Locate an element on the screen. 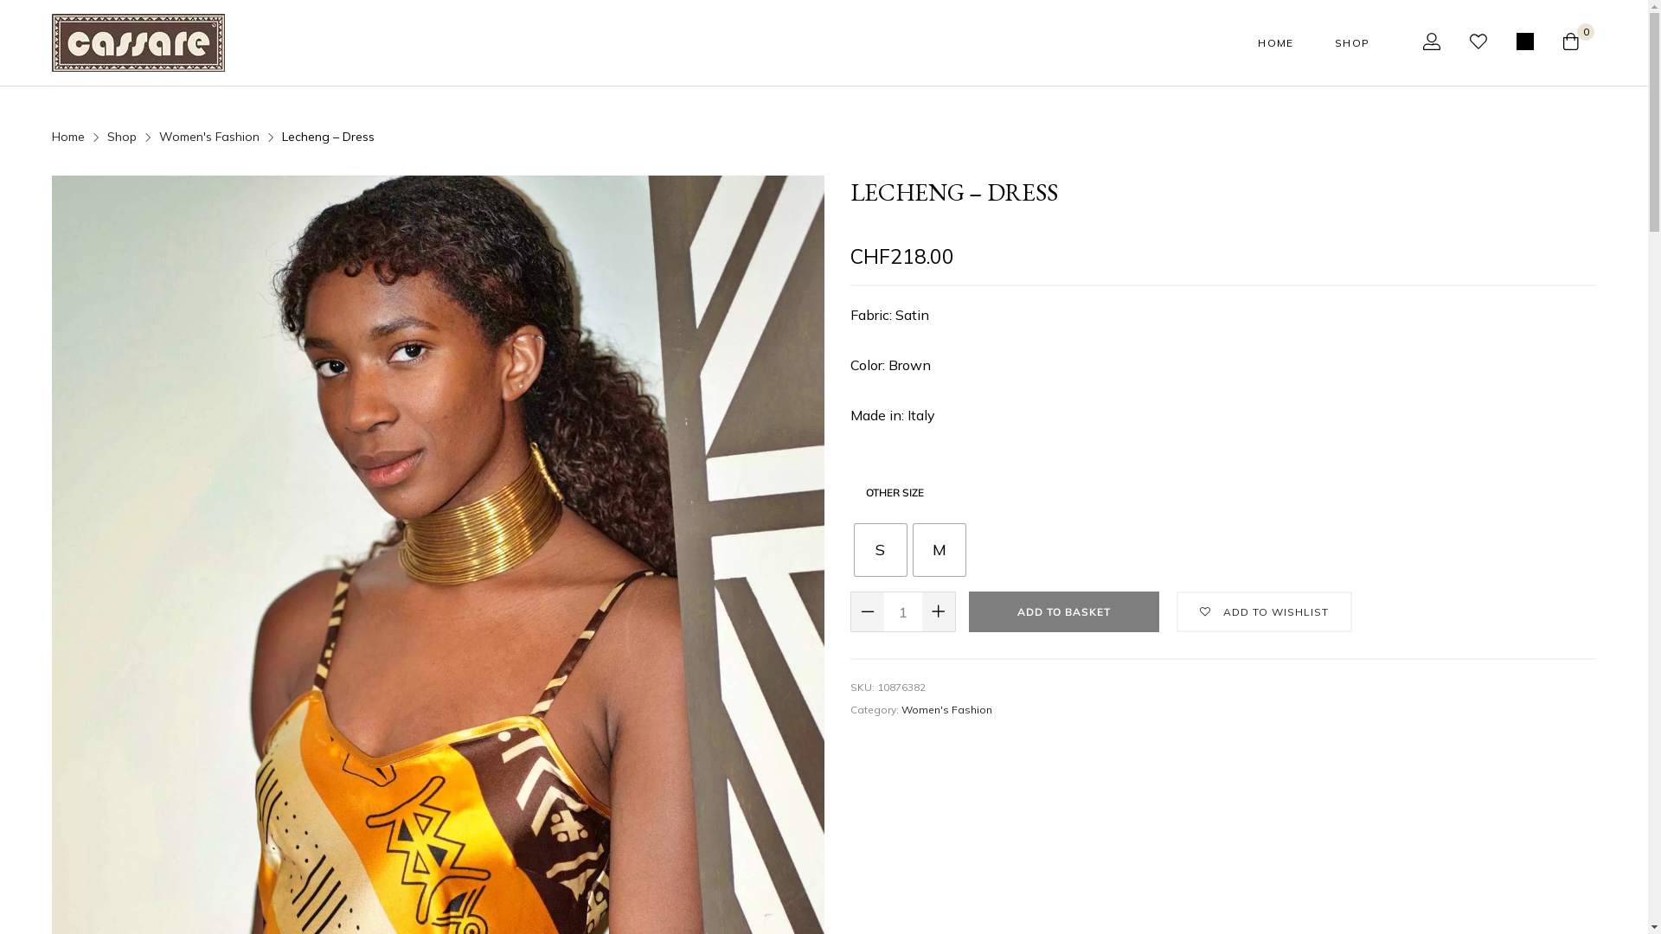 This screenshot has width=1661, height=934. 'Shop' is located at coordinates (120, 136).